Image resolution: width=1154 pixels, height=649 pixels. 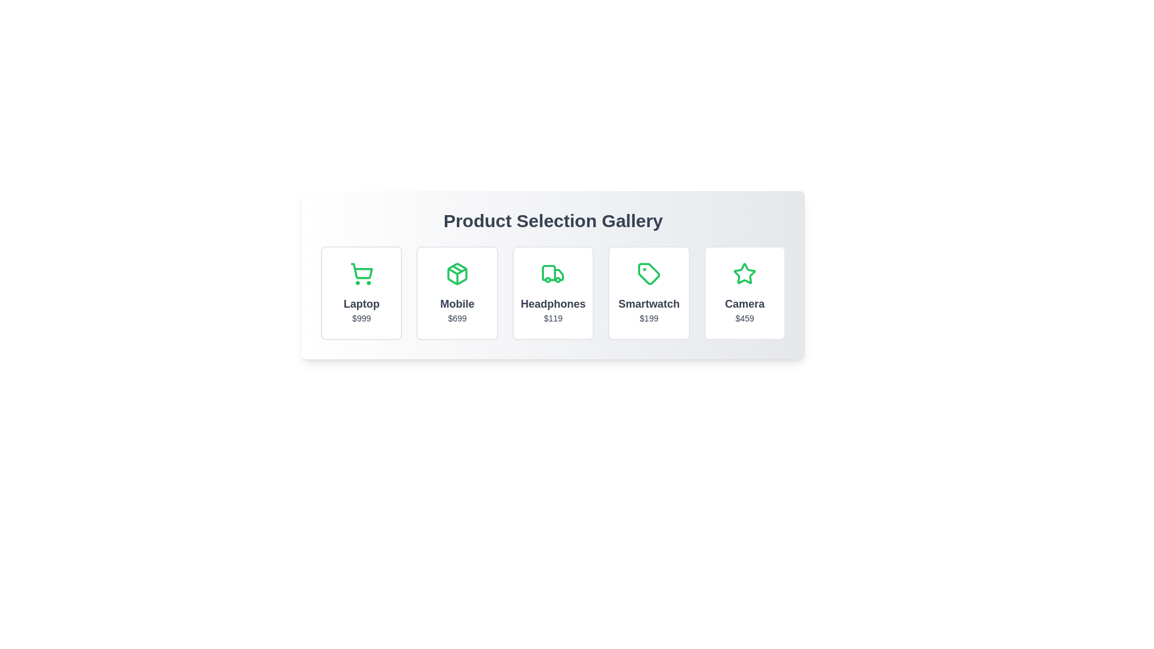 I want to click on the smartwatch product card, which is the fourth card in a horizontal row located between the 'Headphones' and 'Camera' cards, so click(x=648, y=293).